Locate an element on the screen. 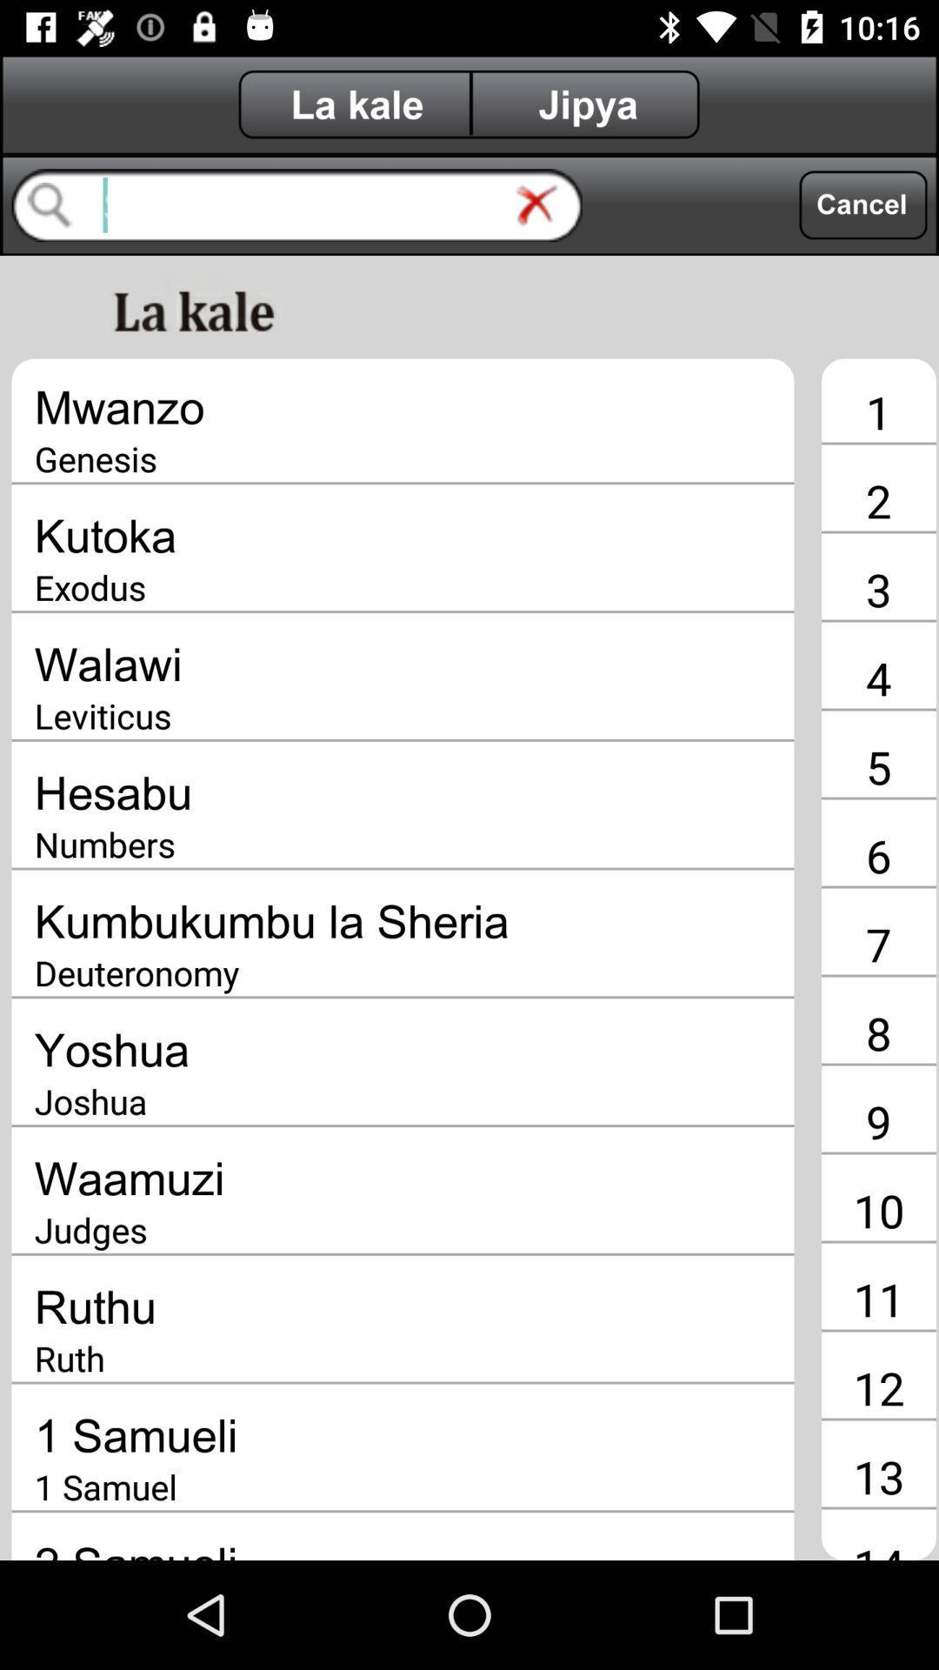  13 app is located at coordinates (878, 1475).